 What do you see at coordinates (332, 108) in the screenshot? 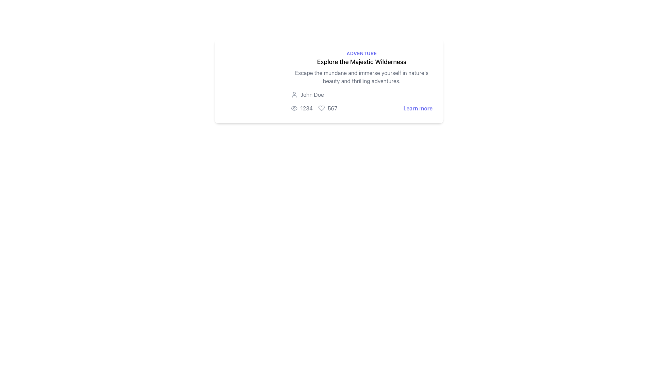
I see `the text label displaying the number '567' in gray font, which is located to the right of a heart icon and below an adventure story description` at bounding box center [332, 108].